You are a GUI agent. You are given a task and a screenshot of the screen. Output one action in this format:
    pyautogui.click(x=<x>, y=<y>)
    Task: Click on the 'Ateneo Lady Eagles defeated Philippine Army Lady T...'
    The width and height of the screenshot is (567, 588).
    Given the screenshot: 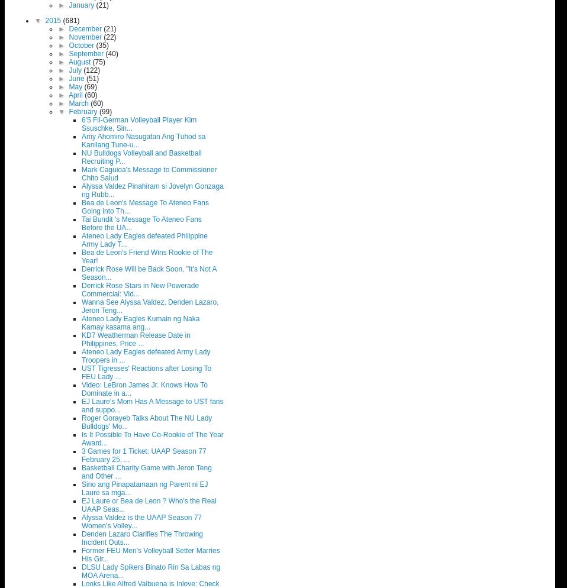 What is the action you would take?
    pyautogui.click(x=144, y=240)
    